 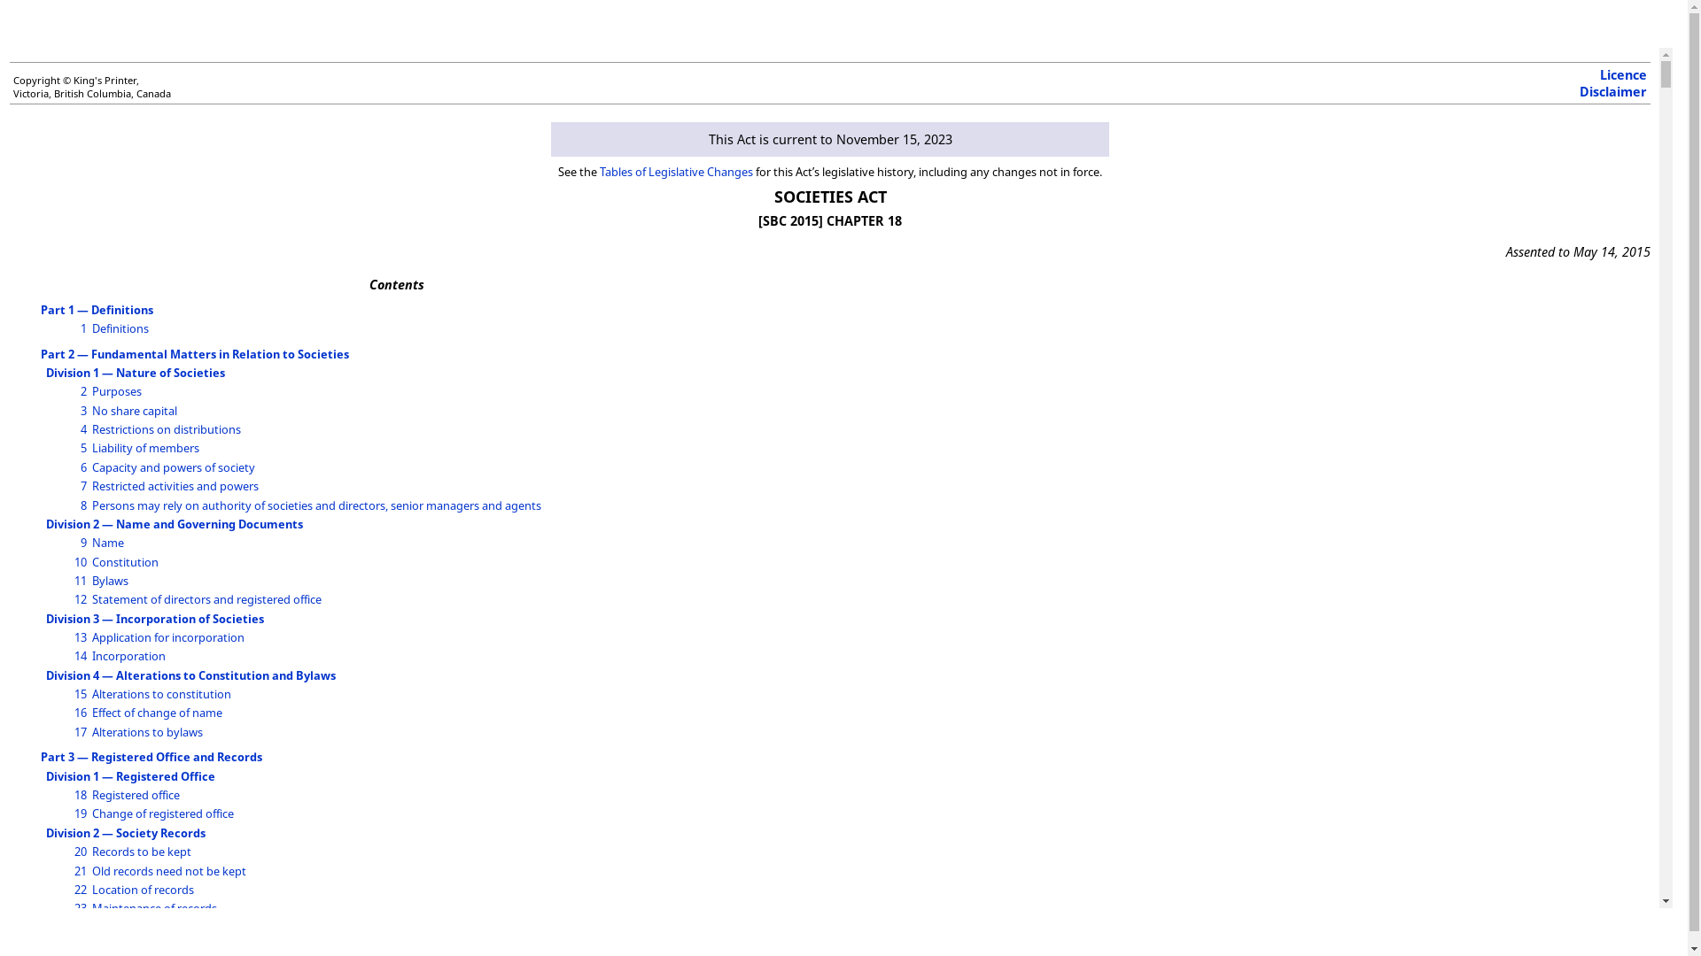 I want to click on 'Change of registered office', so click(x=162, y=813).